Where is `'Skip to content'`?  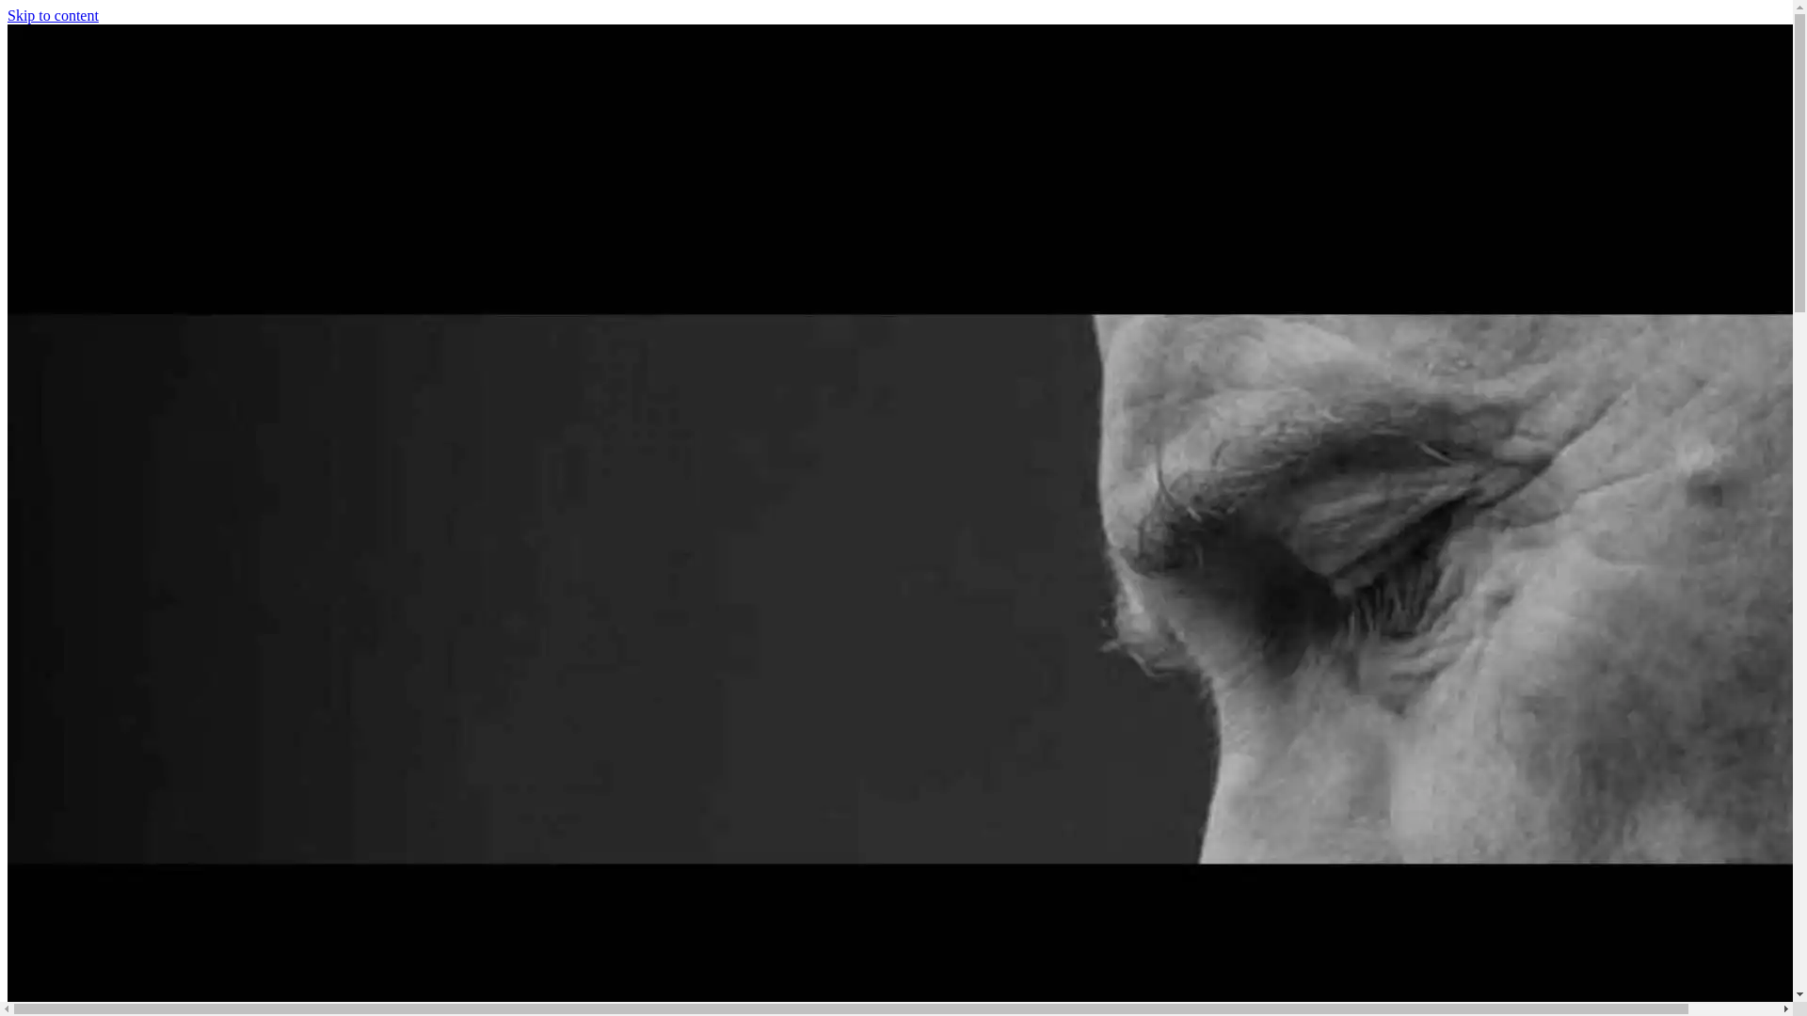 'Skip to content' is located at coordinates (8, 15).